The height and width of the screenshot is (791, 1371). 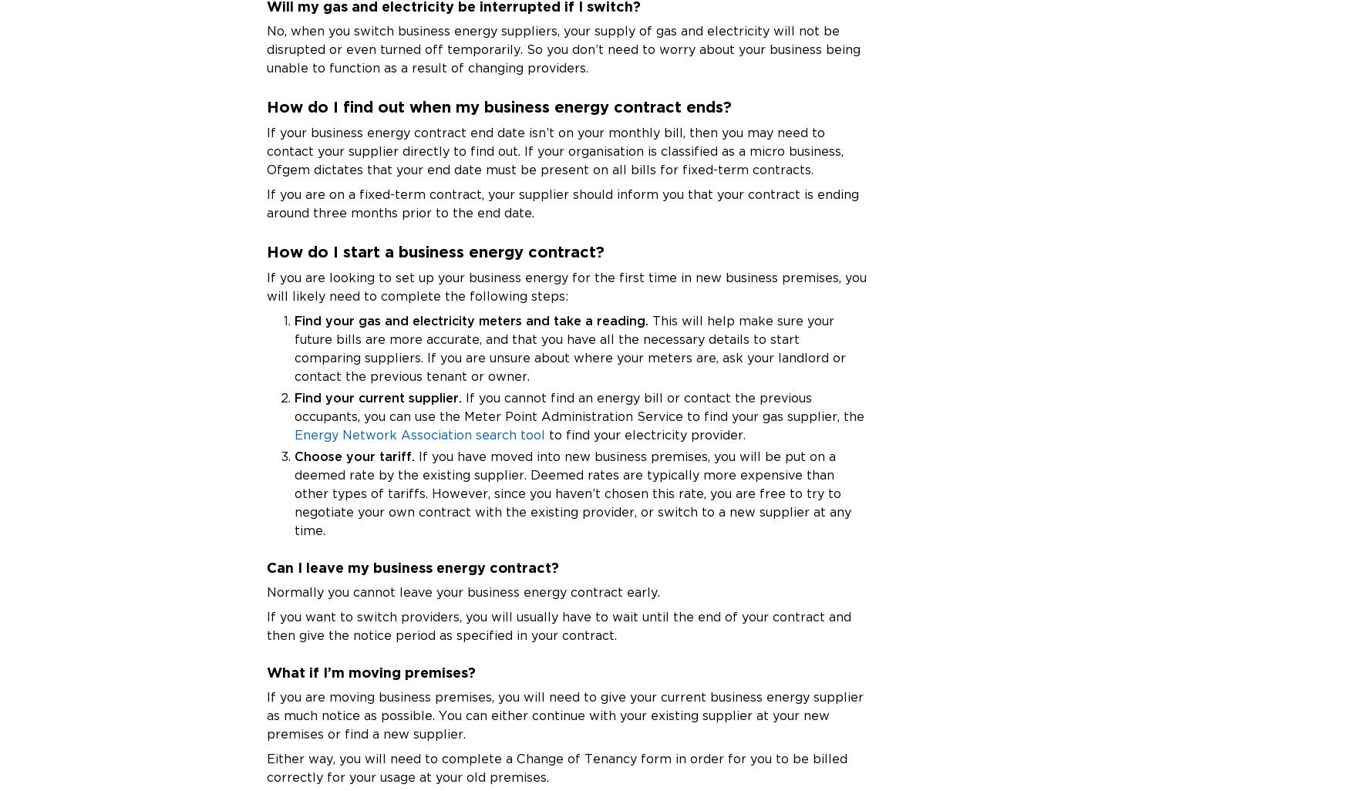 I want to click on 'Energy Network Association search tool', so click(x=419, y=434).